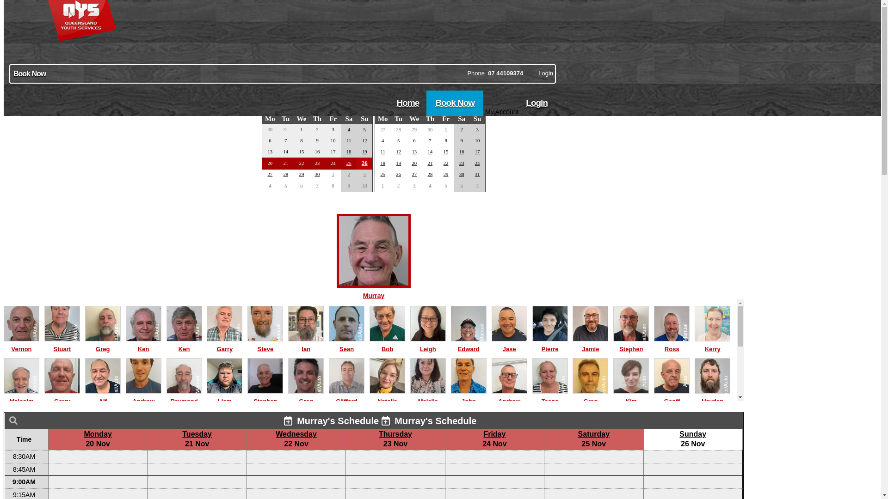 Image resolution: width=888 pixels, height=499 pixels. What do you see at coordinates (477, 185) in the screenshot?
I see `'7'` at bounding box center [477, 185].